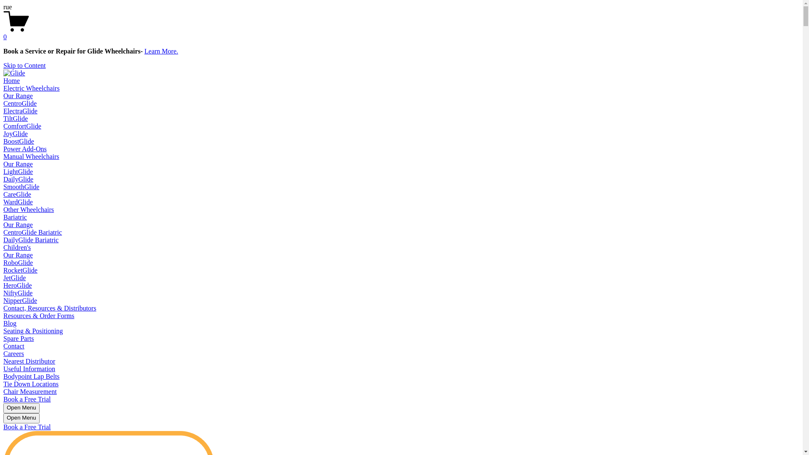  What do you see at coordinates (3, 330) in the screenshot?
I see `'Seating & Positioning'` at bounding box center [3, 330].